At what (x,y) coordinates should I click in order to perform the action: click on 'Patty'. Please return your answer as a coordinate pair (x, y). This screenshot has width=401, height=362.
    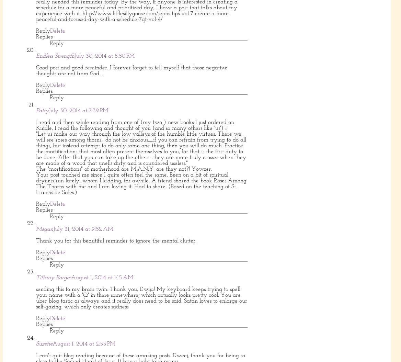
    Looking at the image, I should click on (42, 110).